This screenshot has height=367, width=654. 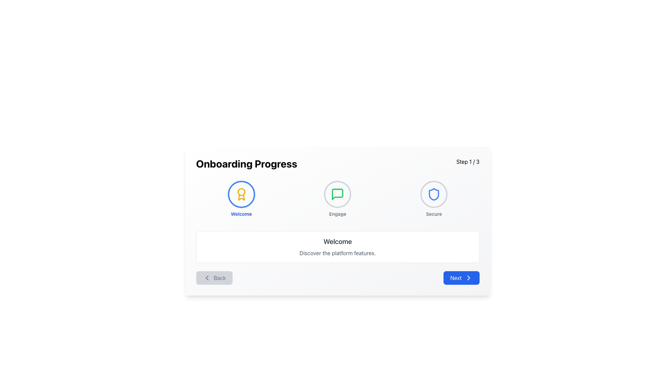 I want to click on the 'Secure' icon with label group, so click(x=434, y=199).